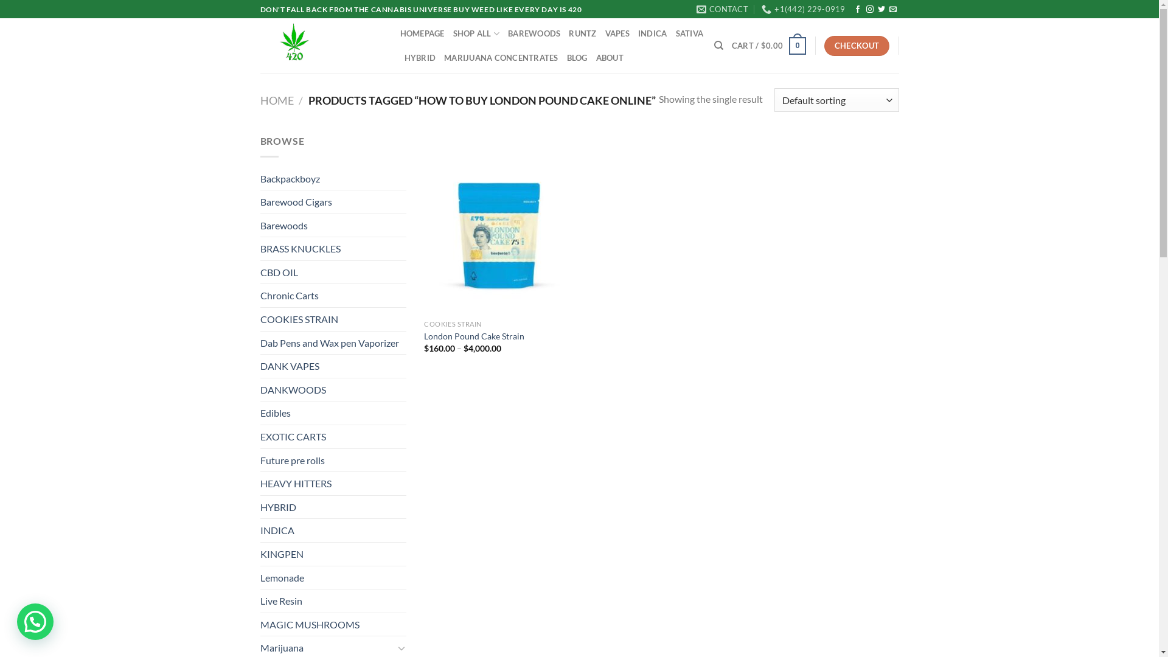 The height and width of the screenshot is (657, 1168). What do you see at coordinates (856, 45) in the screenshot?
I see `'CHECKOUT'` at bounding box center [856, 45].